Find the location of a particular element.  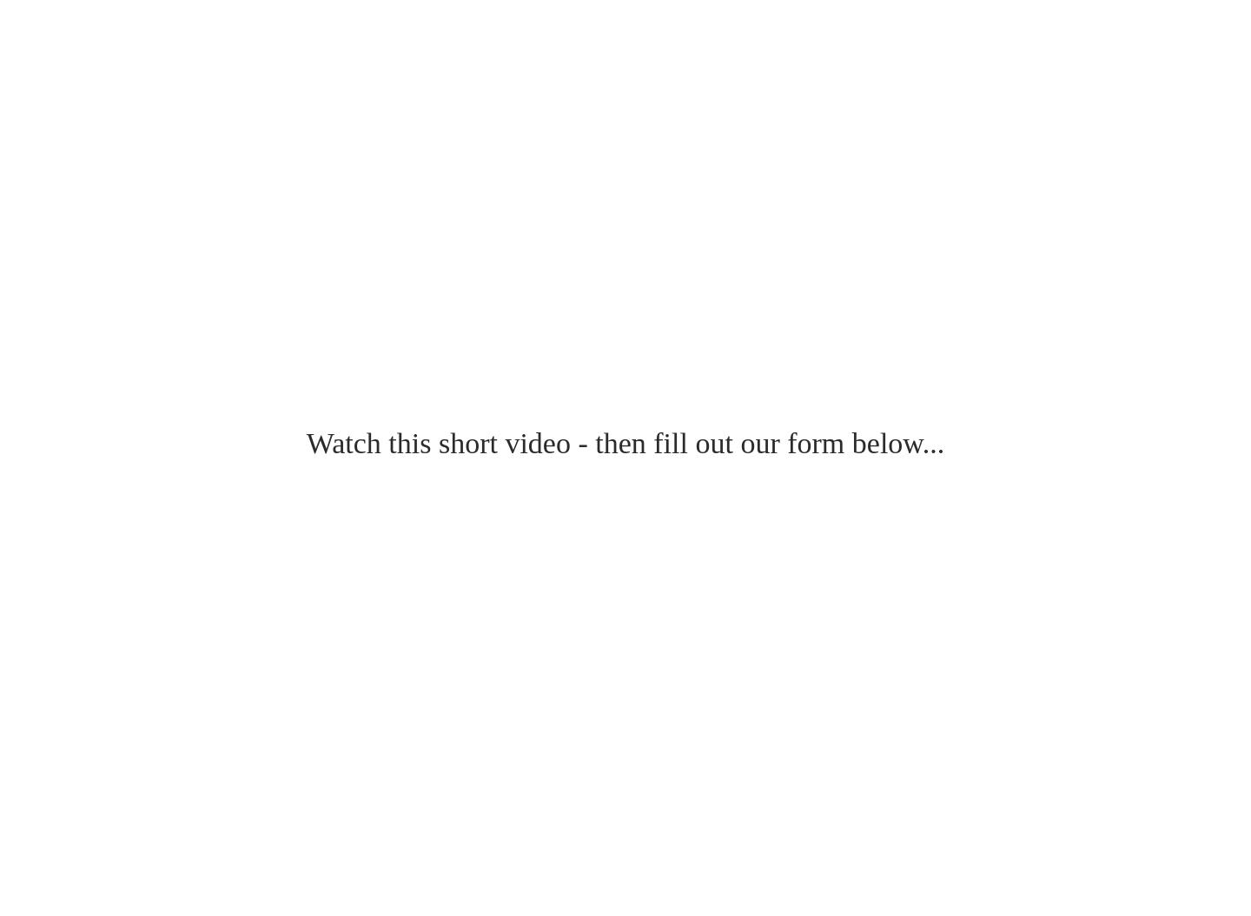

'internet marketing skills' is located at coordinates (145, 73).